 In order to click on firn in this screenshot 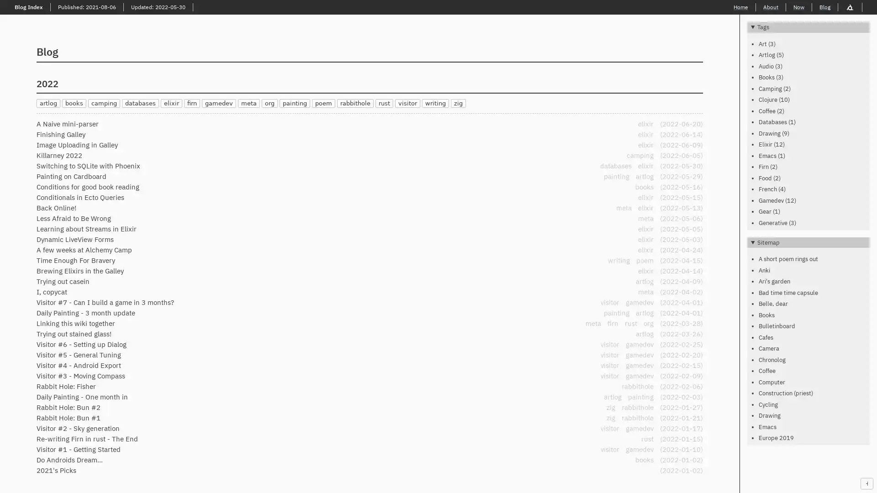, I will do `click(191, 103)`.